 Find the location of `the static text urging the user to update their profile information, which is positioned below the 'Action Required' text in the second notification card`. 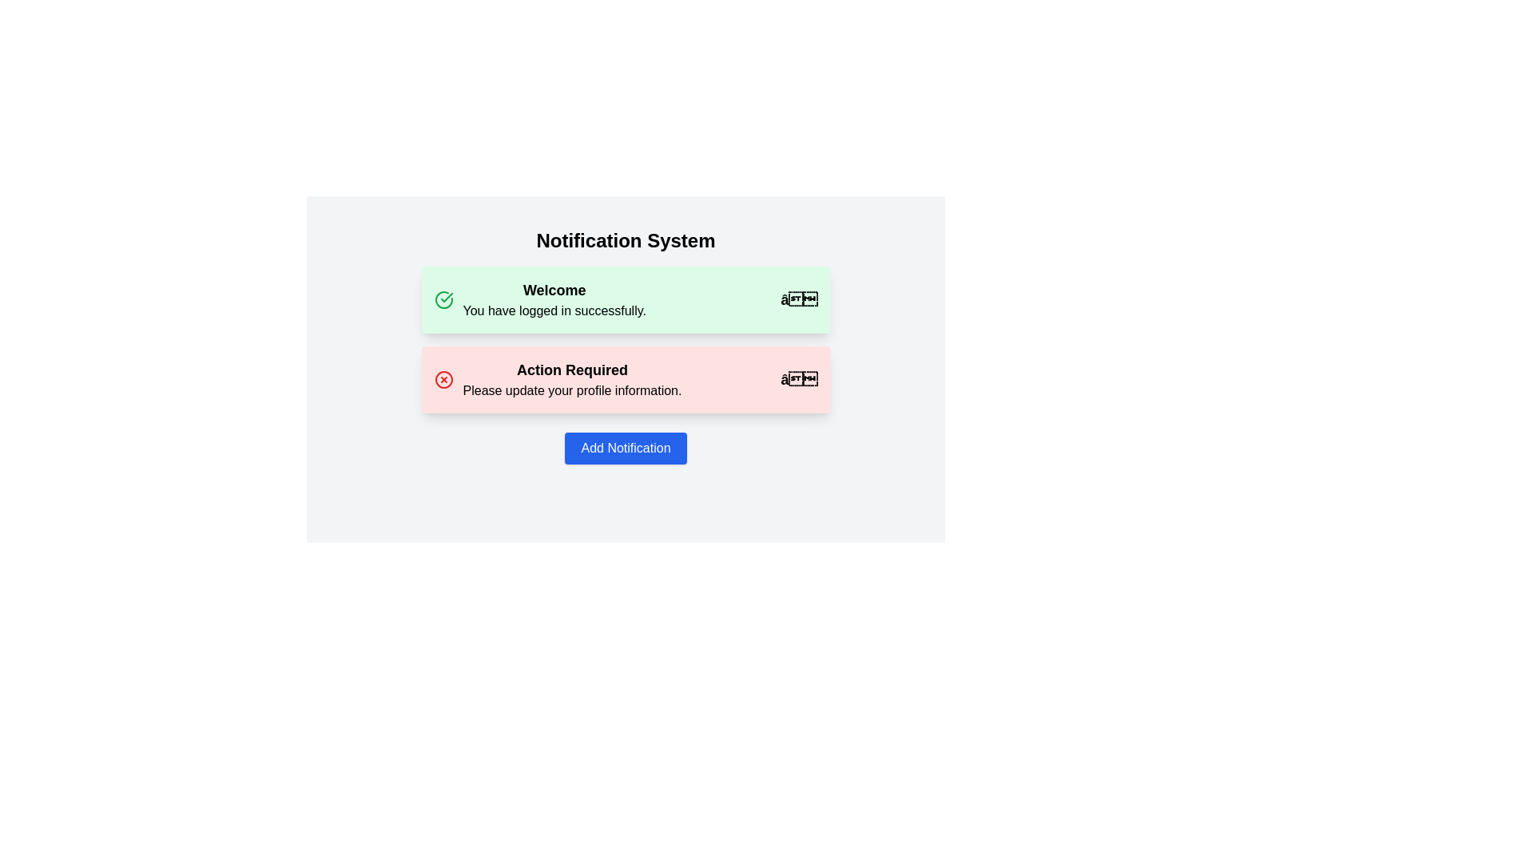

the static text urging the user to update their profile information, which is positioned below the 'Action Required' text in the second notification card is located at coordinates (572, 390).